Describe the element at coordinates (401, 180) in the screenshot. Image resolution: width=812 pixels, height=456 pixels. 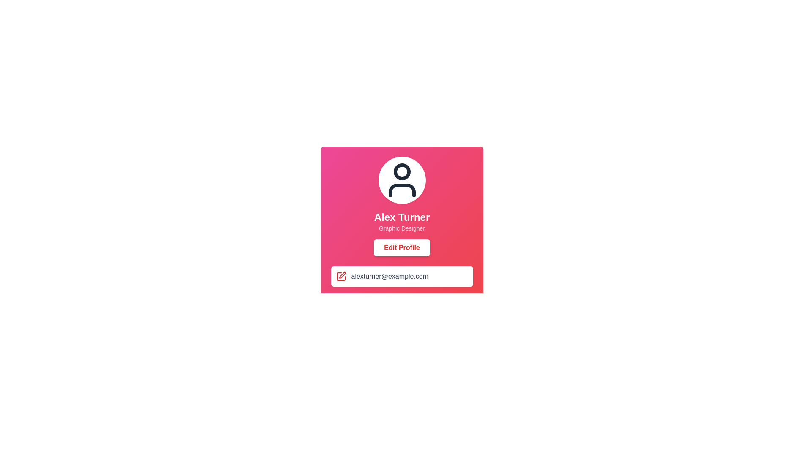
I see `the user profile icon located at the top of the profile card, which visually represents the user's profile section` at that location.